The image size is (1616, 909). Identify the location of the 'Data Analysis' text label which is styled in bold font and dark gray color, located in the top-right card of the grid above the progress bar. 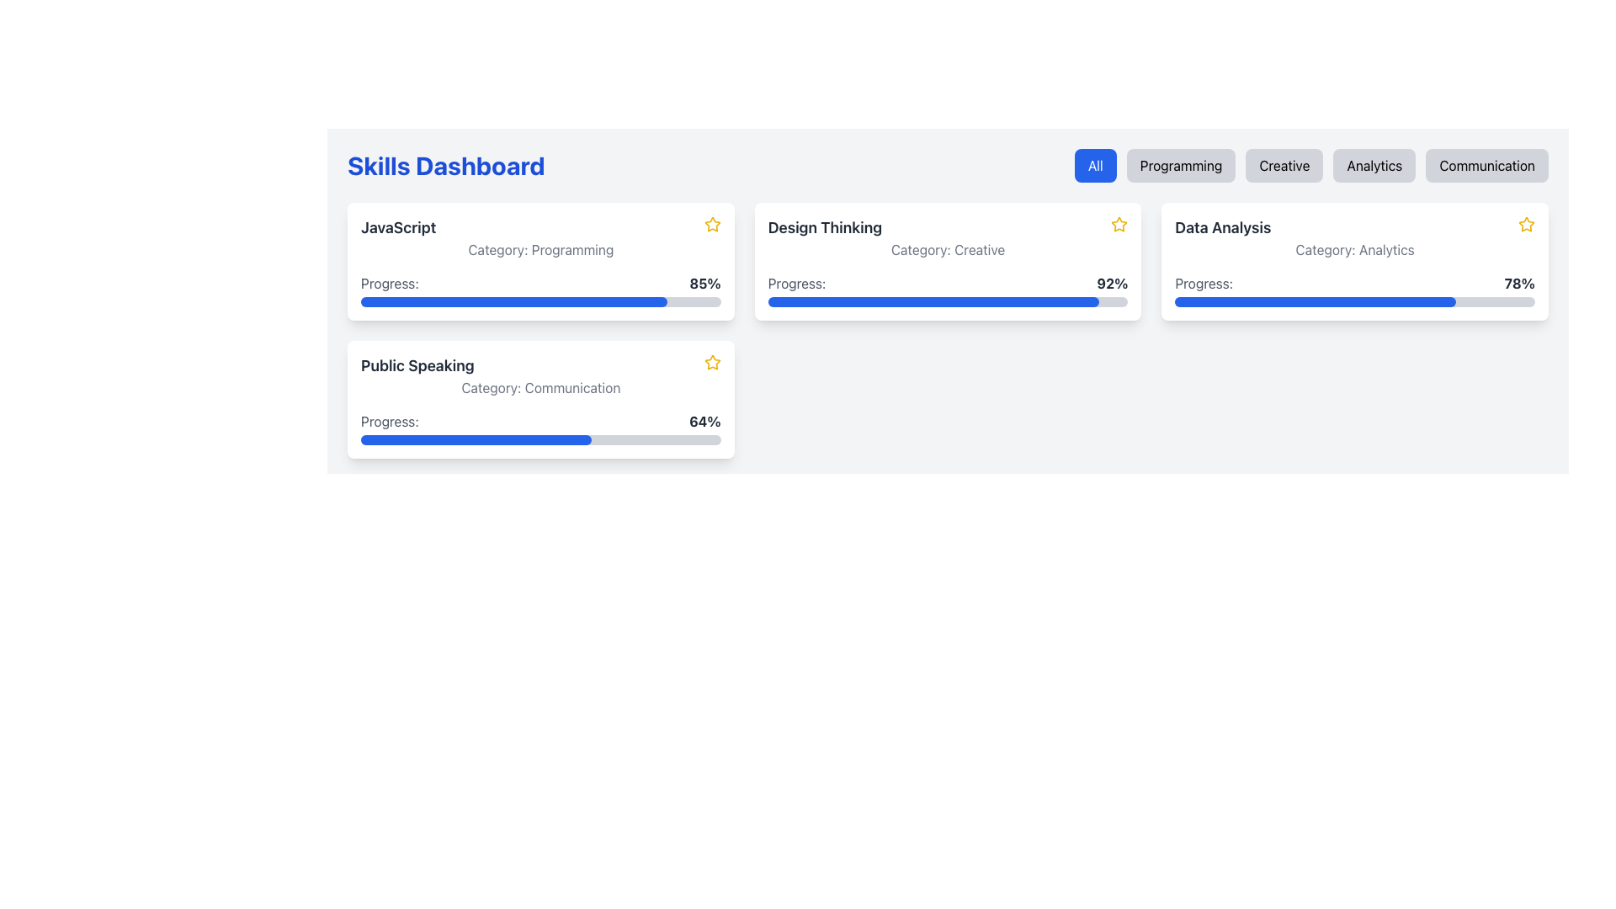
(1223, 227).